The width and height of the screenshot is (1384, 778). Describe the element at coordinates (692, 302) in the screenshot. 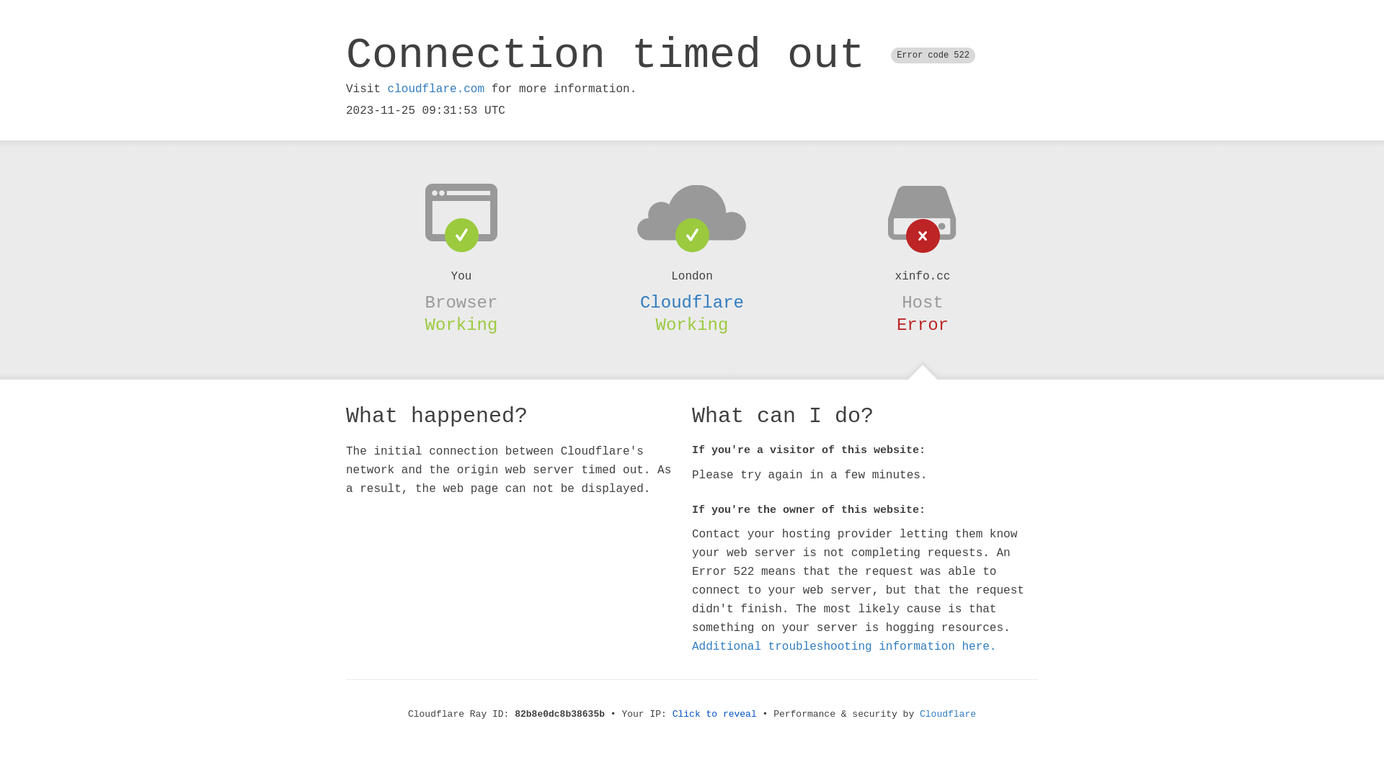

I see `'Cloudflare'` at that location.